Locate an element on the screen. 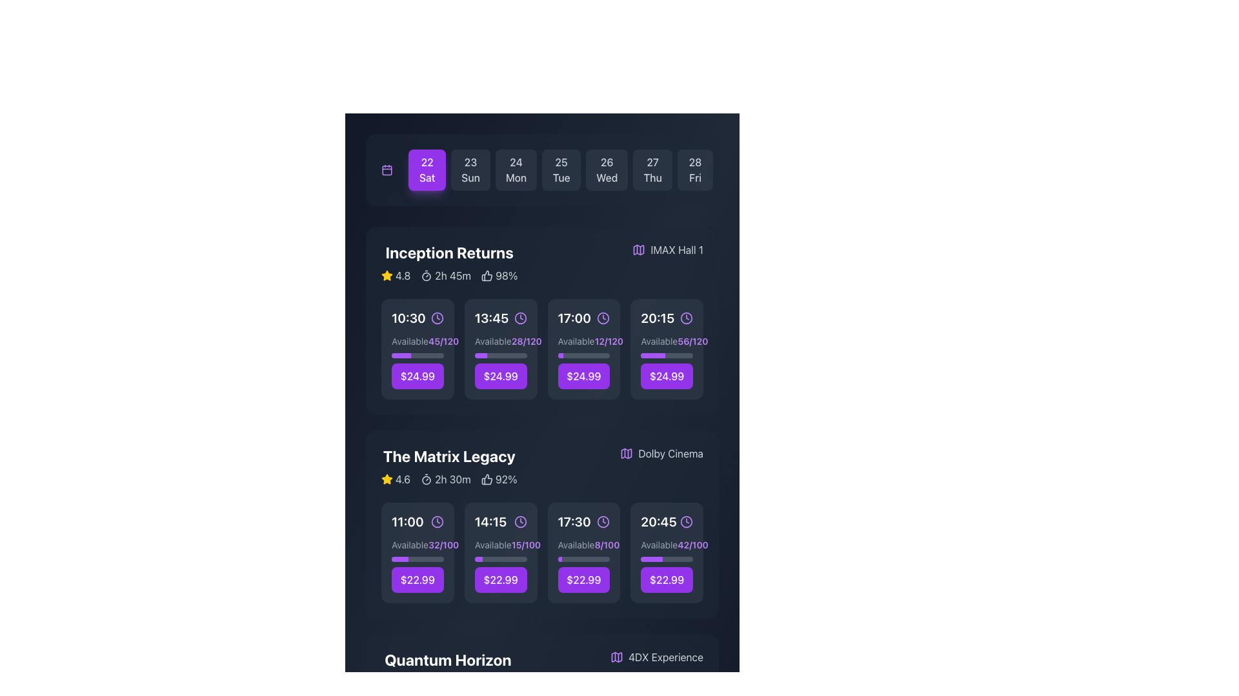 The height and width of the screenshot is (696, 1239). percentage value displayed in the Text Label next to the thumbs-up icon in the information bar for the movie listing 'Inception Returns' is located at coordinates (506, 275).